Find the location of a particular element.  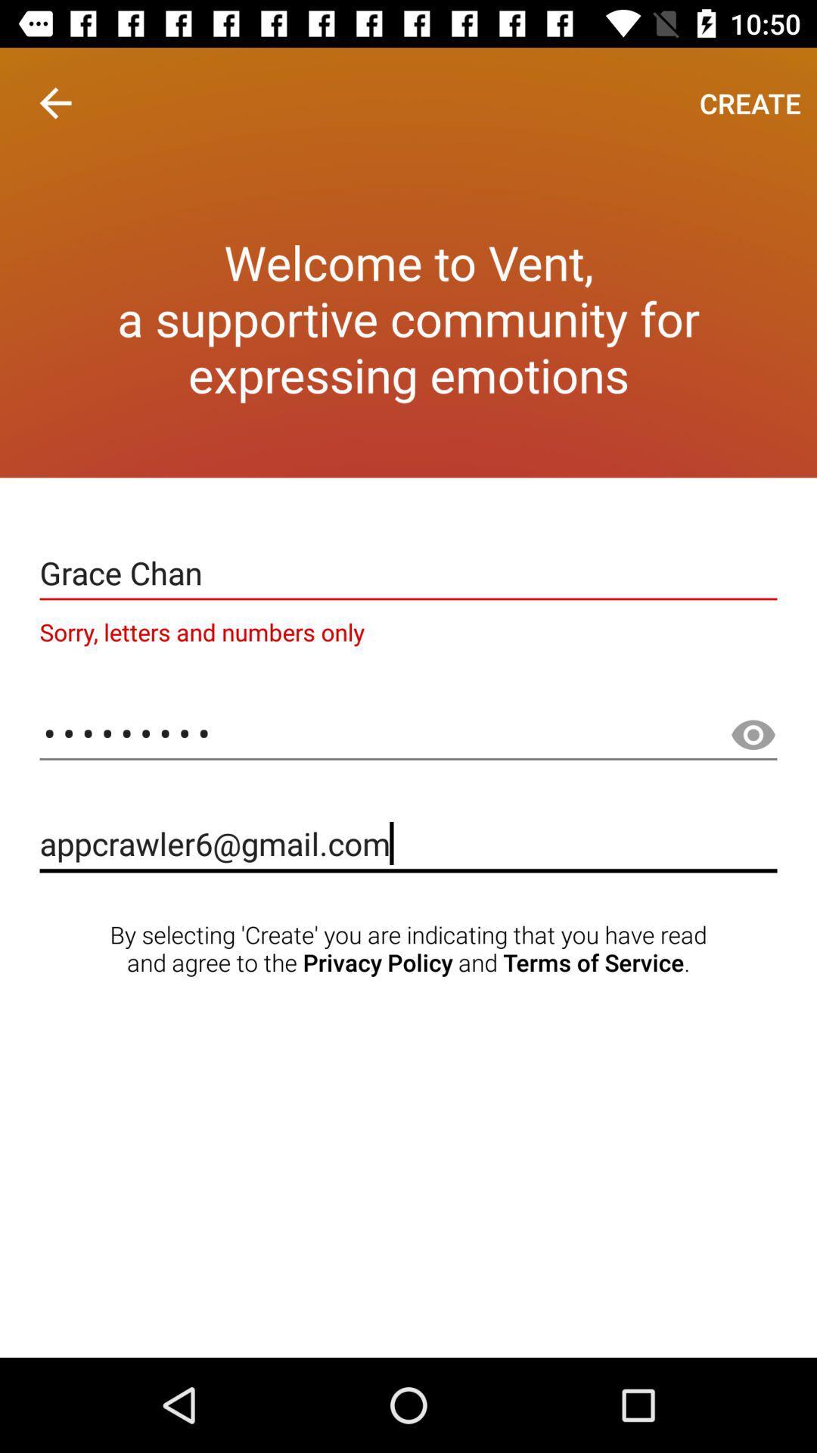

the visibility icon is located at coordinates (753, 736).